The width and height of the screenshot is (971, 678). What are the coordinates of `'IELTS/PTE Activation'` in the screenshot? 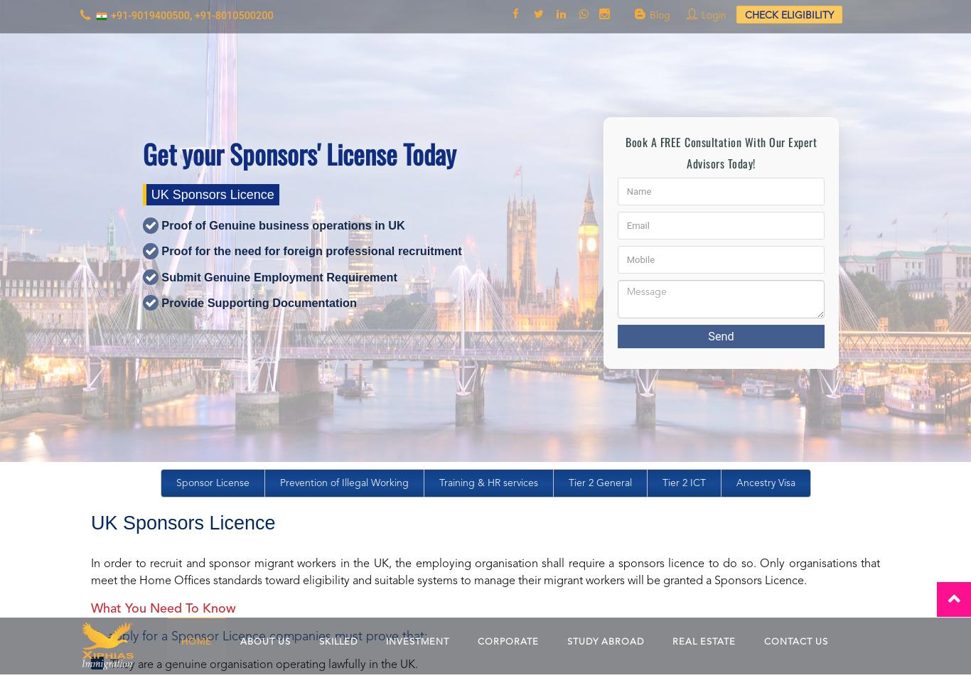 It's located at (547, 547).